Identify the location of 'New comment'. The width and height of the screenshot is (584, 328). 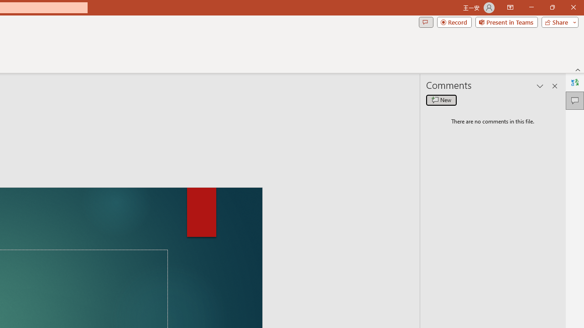
(441, 100).